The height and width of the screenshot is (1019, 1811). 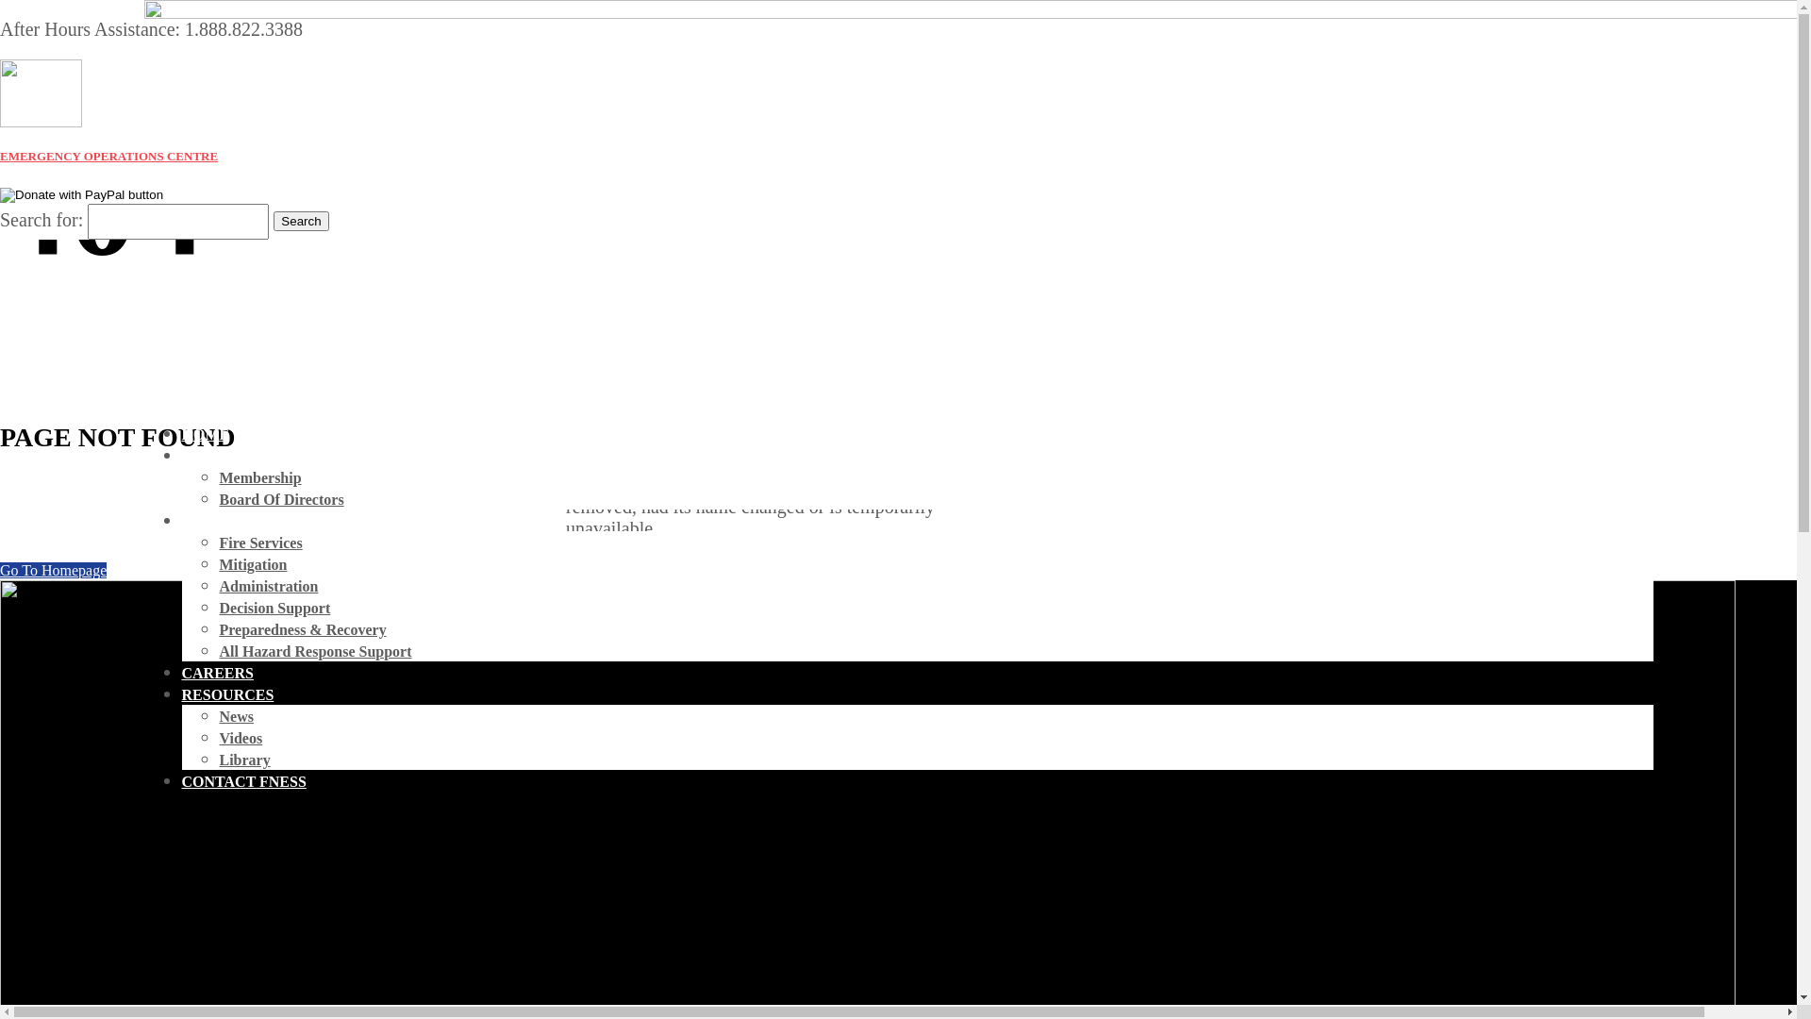 I want to click on 'Go To Homepage', so click(x=53, y=569).